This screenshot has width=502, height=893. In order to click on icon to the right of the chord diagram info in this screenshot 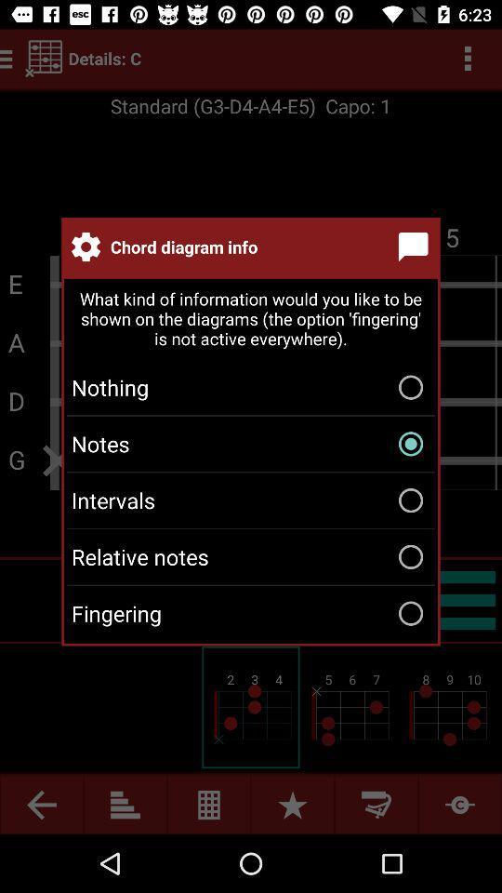, I will do `click(416, 246)`.